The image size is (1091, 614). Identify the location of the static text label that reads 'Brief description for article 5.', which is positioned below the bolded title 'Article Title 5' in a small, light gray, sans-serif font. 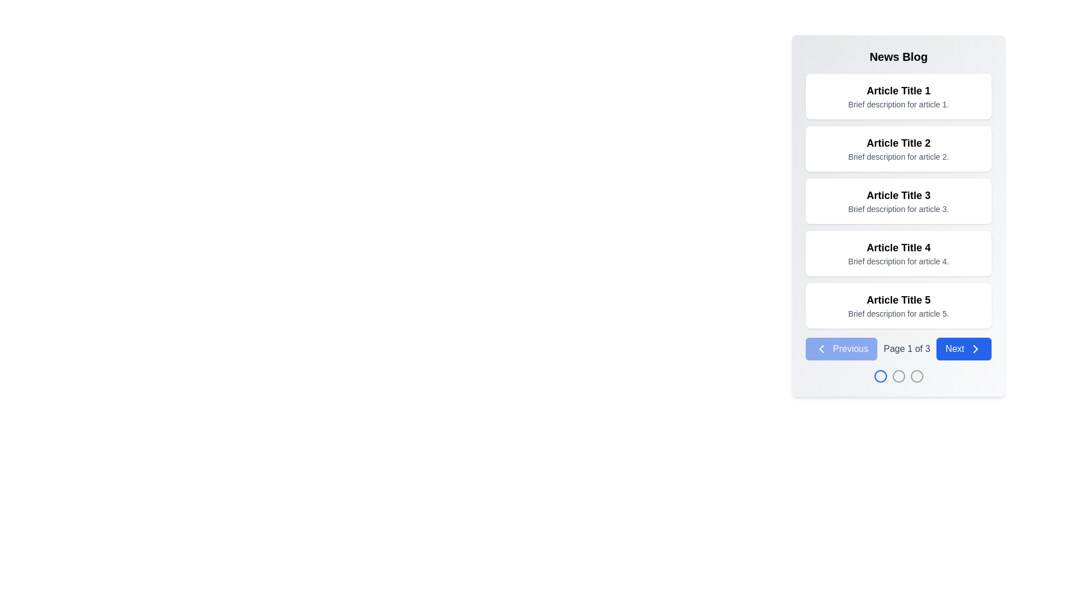
(898, 313).